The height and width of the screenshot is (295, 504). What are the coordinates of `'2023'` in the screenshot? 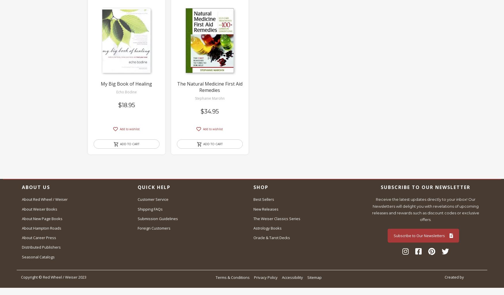 It's located at (77, 277).